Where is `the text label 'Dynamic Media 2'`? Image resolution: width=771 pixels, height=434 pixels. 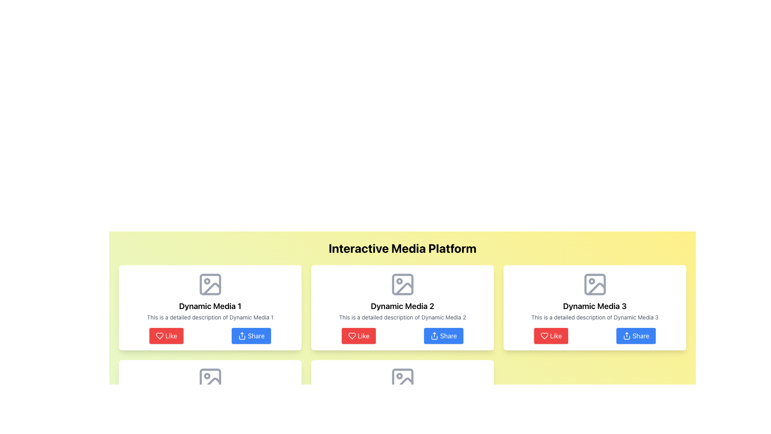
the text label 'Dynamic Media 2' is located at coordinates (402, 306).